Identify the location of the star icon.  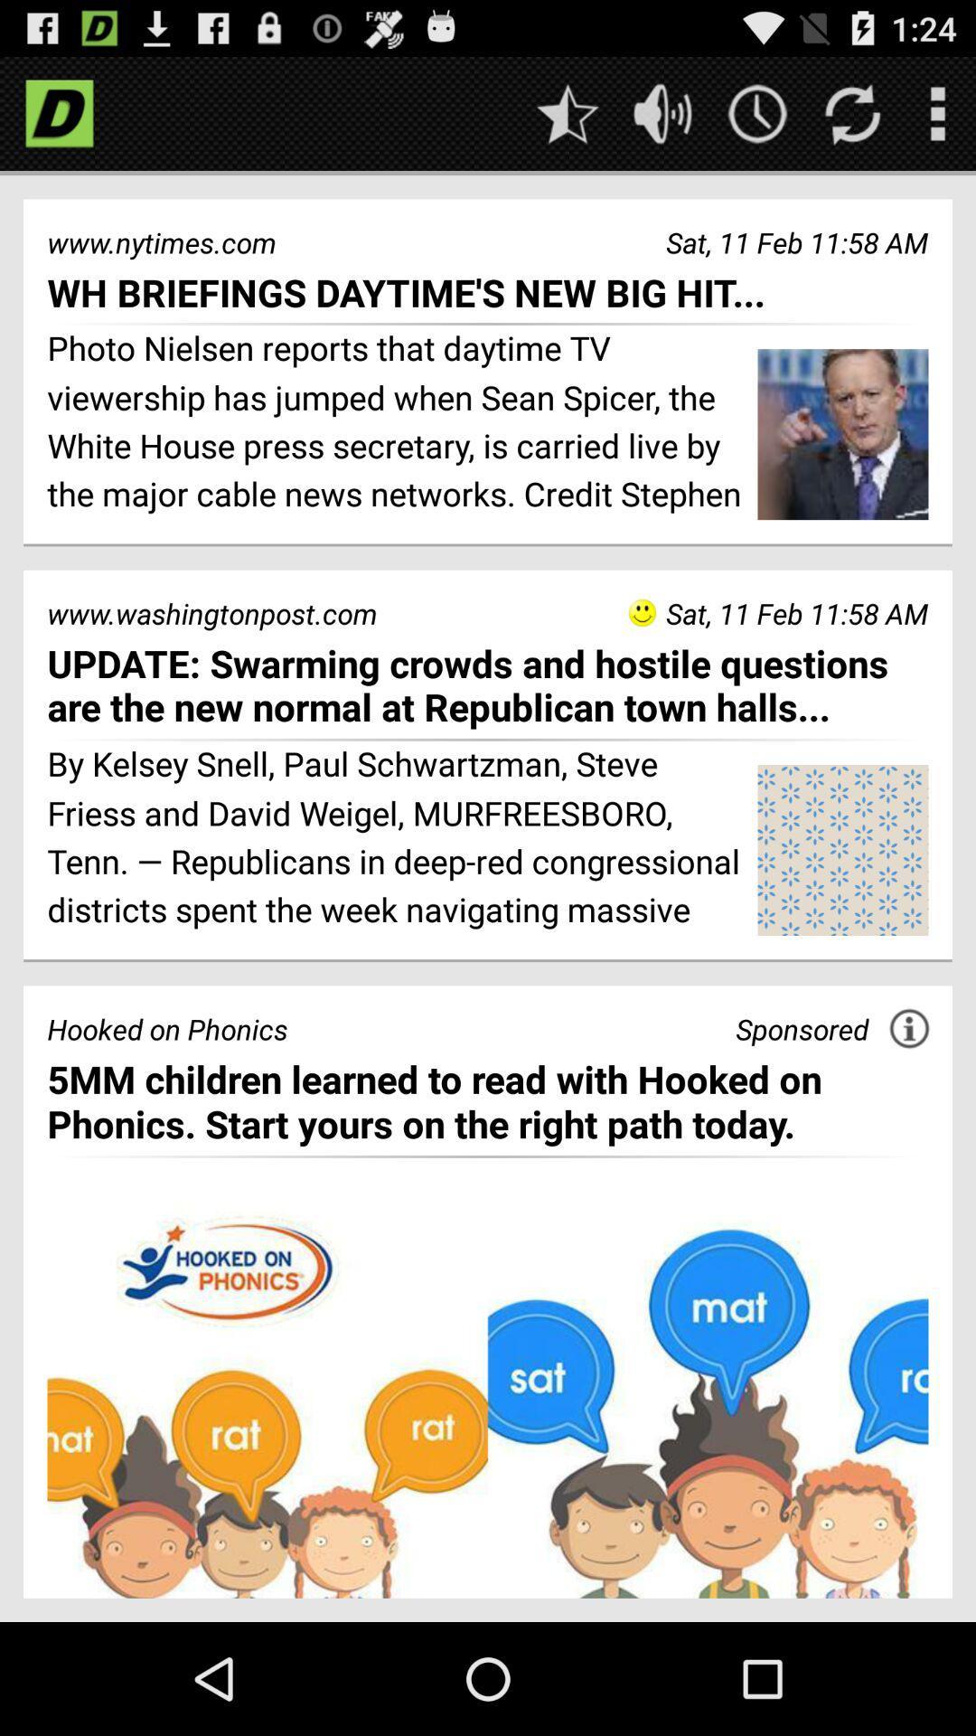
(567, 120).